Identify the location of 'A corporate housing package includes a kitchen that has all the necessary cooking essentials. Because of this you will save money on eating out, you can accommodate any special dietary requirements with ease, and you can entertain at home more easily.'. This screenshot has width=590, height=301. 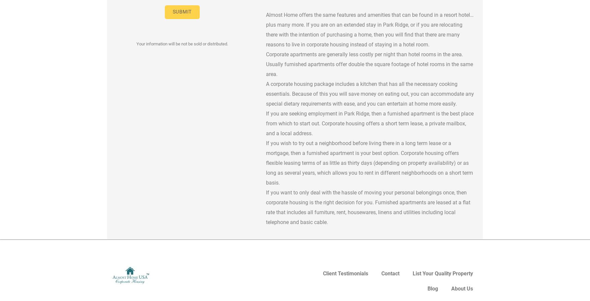
(369, 93).